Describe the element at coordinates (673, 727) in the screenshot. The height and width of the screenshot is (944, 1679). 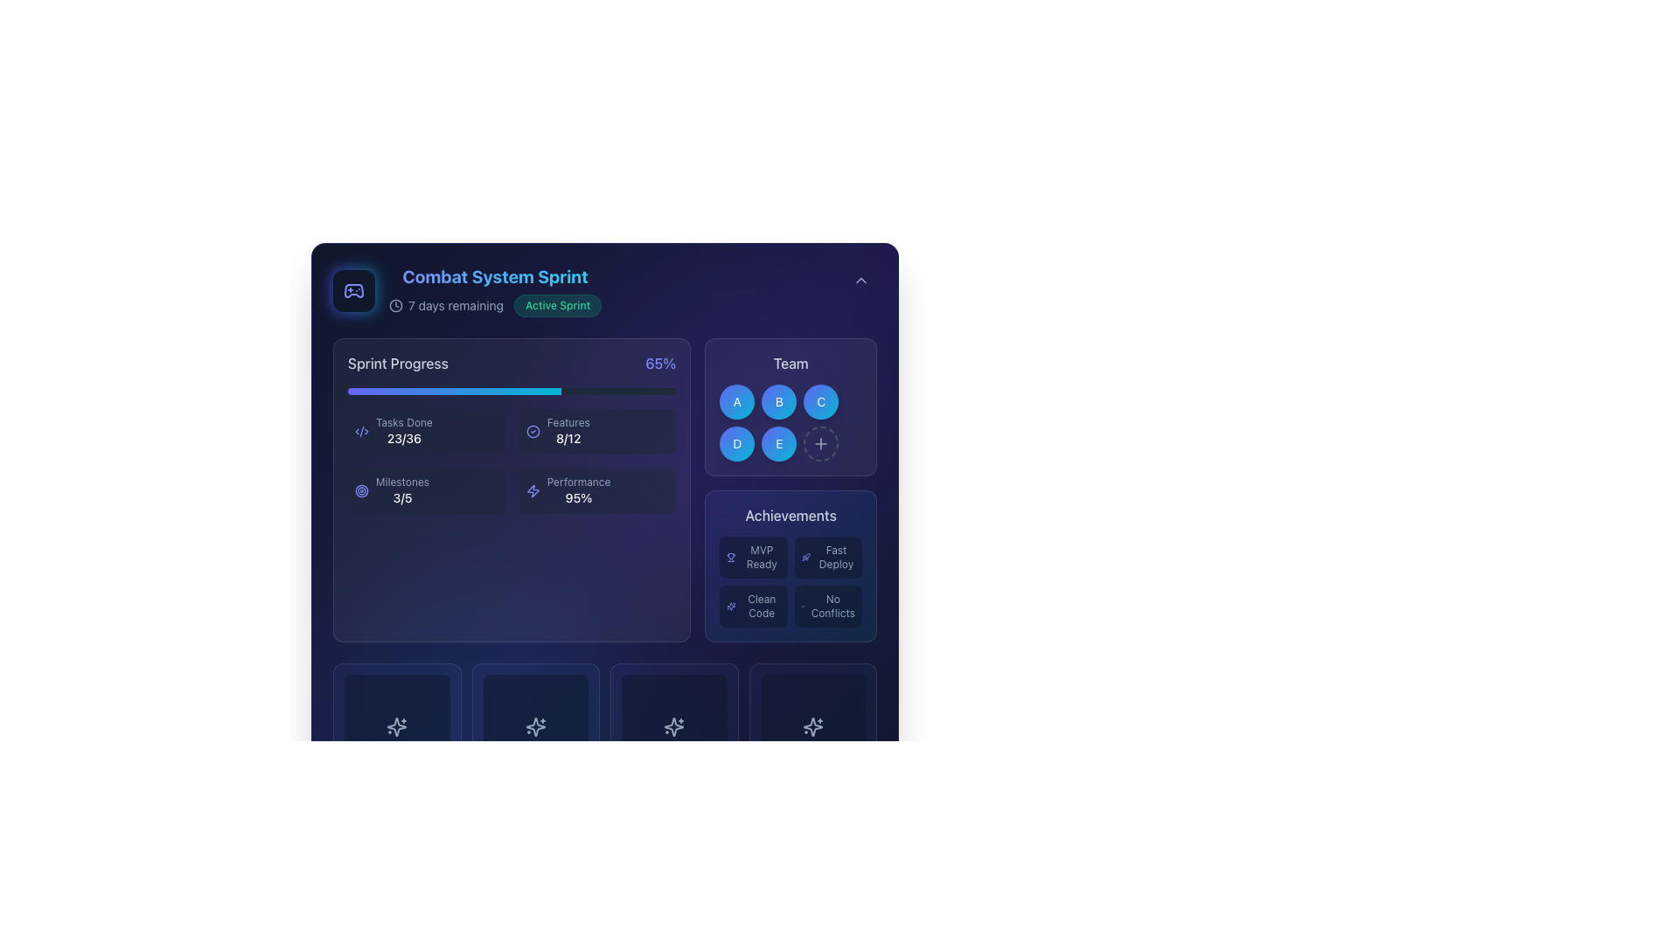
I see `icon within the interactive card located at the bottom section of the interface, which is the fourth card in a grid of four cards` at that location.